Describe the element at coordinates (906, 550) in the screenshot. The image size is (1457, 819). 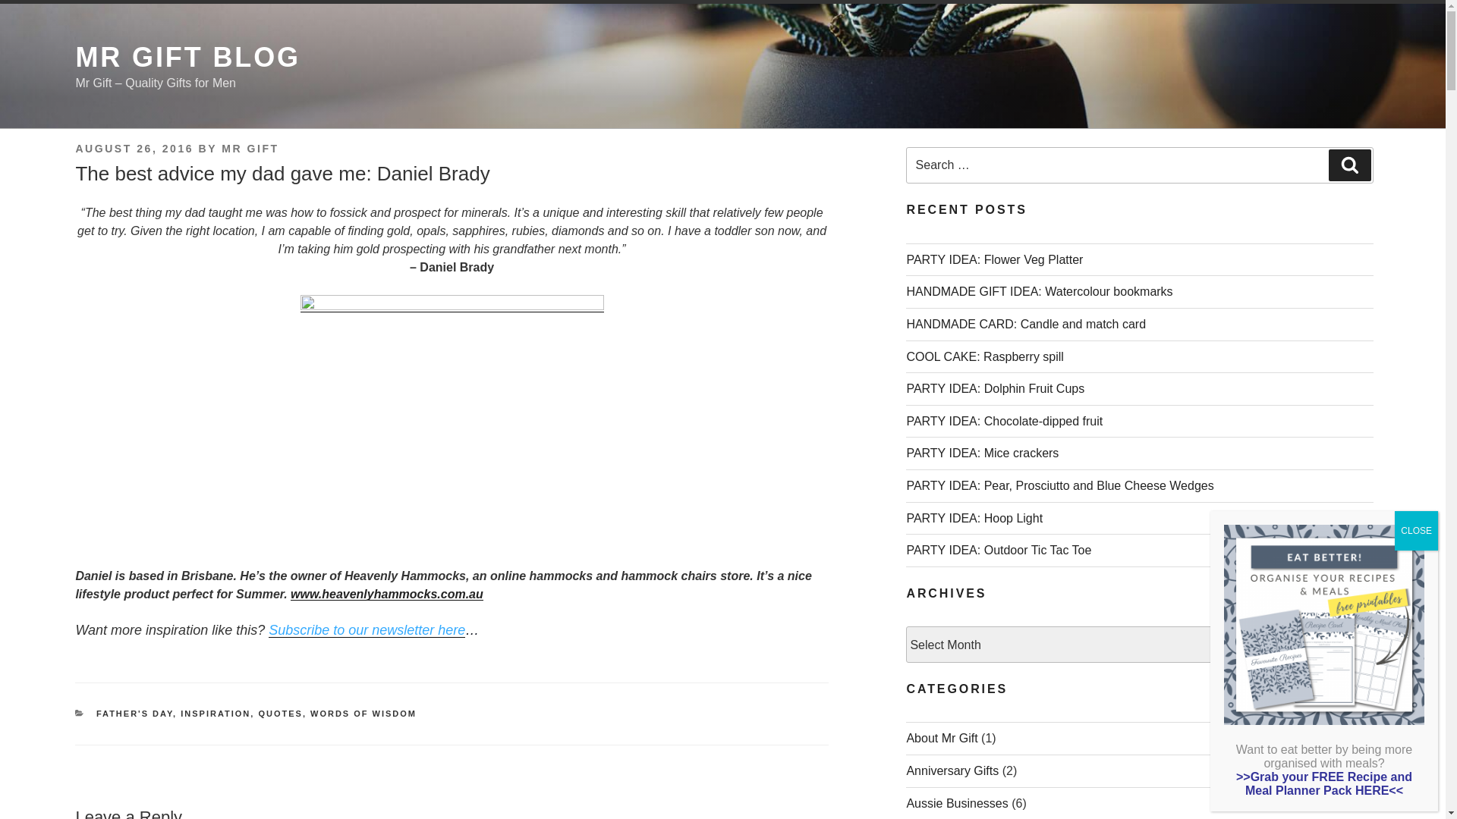
I see `'PARTY IDEA: Outdoor Tic Tac Toe'` at that location.